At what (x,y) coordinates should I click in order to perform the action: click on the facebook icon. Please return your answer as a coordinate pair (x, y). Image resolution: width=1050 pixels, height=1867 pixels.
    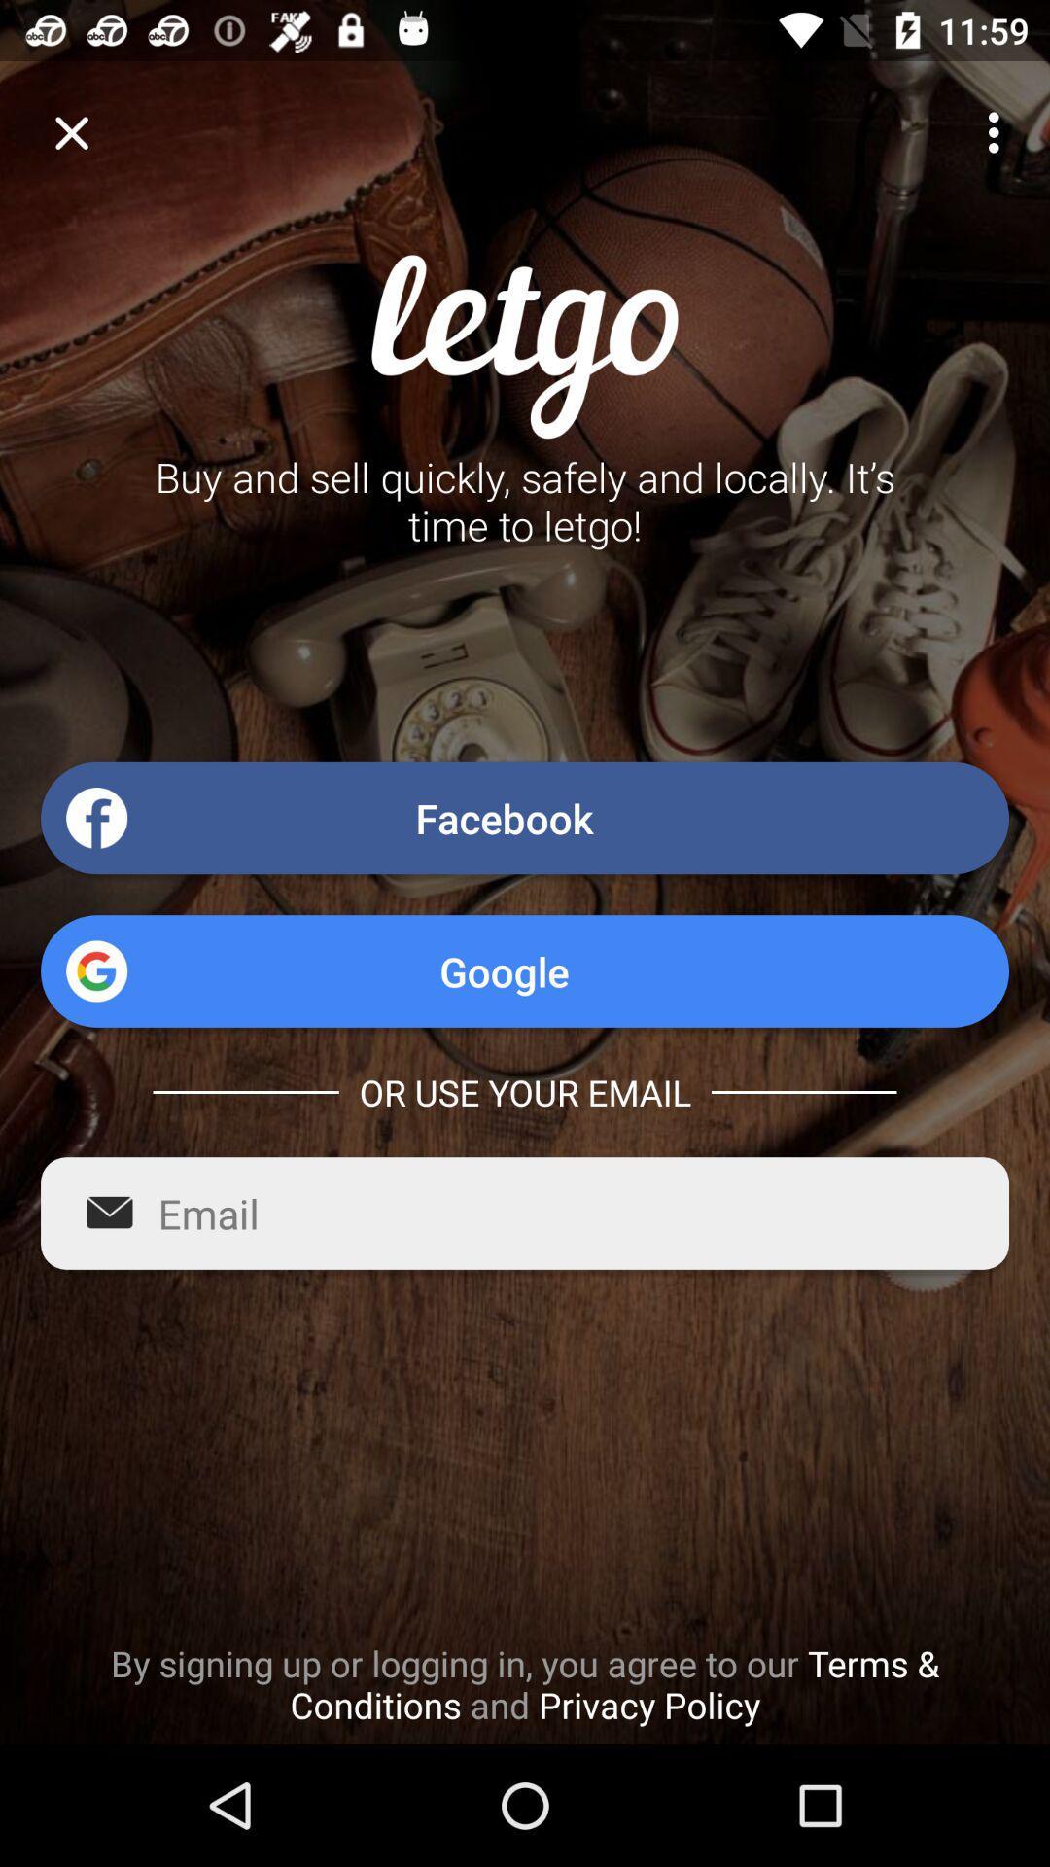
    Looking at the image, I should click on (525, 818).